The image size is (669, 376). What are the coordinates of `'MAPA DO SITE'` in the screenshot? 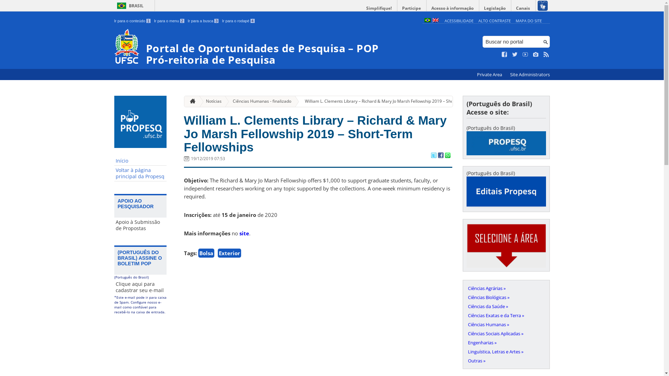 It's located at (529, 20).